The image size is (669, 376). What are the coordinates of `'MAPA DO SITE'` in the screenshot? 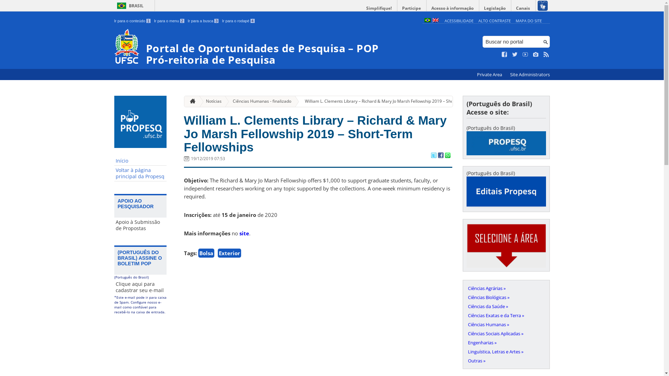 It's located at (529, 20).